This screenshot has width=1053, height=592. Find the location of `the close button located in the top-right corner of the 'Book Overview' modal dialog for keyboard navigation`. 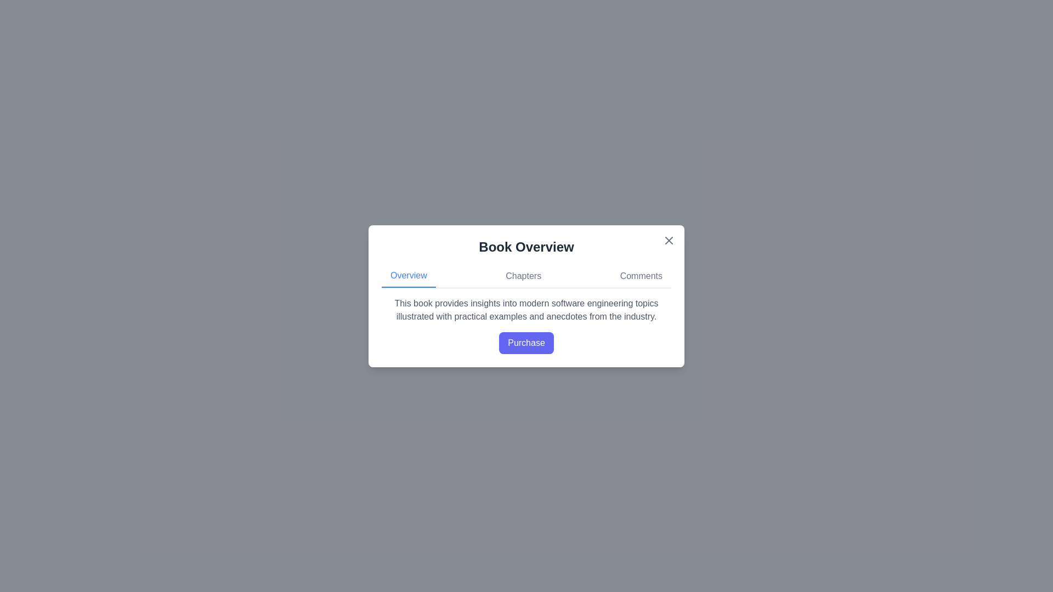

the close button located in the top-right corner of the 'Book Overview' modal dialog for keyboard navigation is located at coordinates (668, 240).